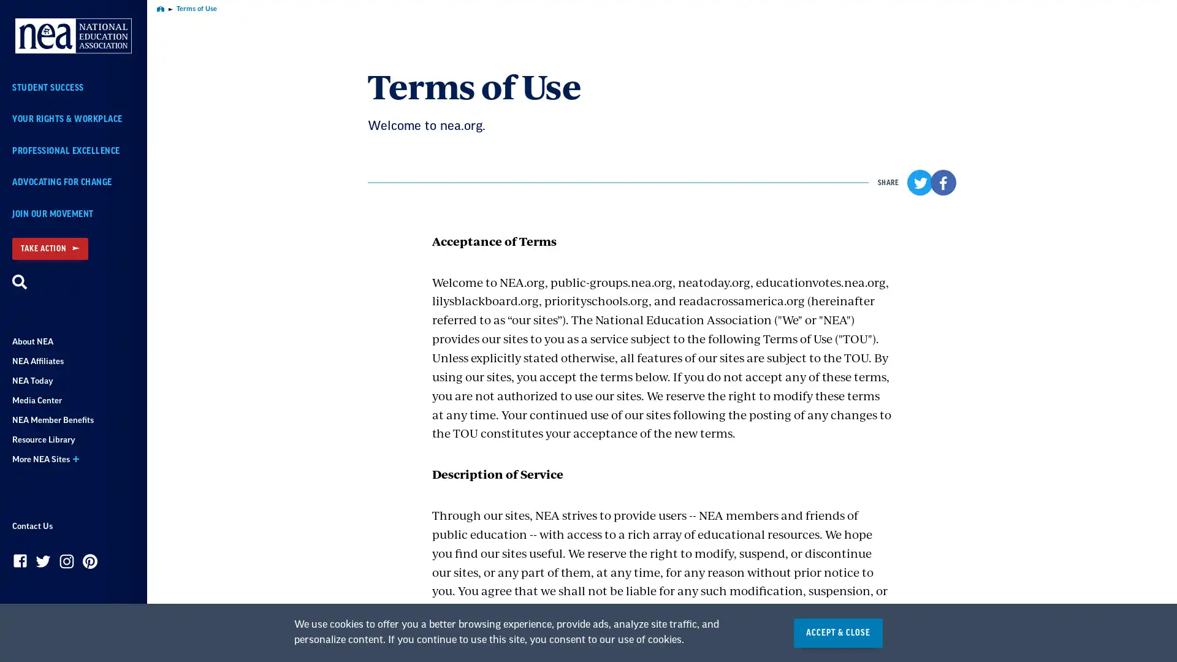  Describe the element at coordinates (20, 283) in the screenshot. I see `Search` at that location.